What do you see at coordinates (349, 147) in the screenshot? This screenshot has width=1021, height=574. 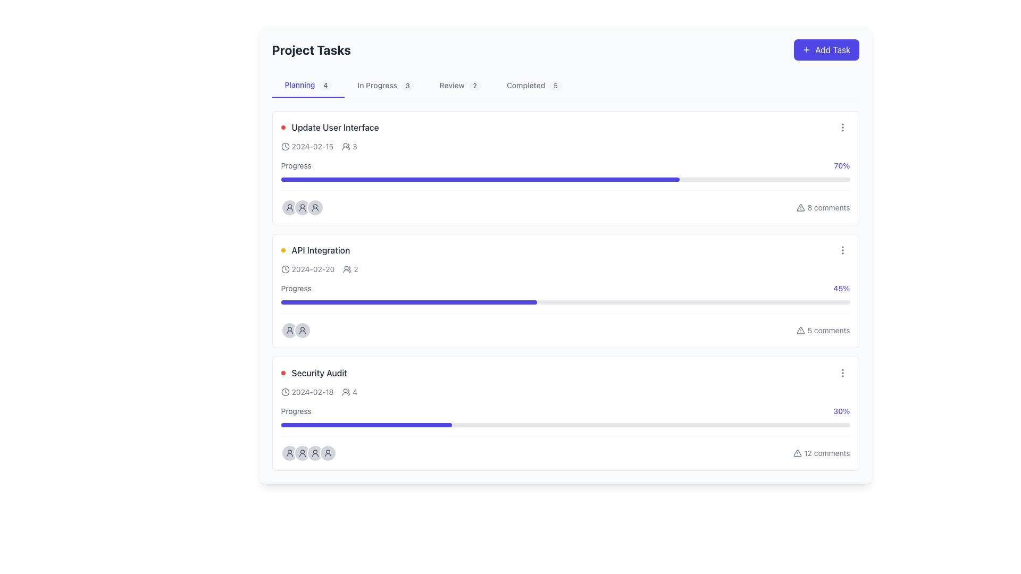 I see `the user count icon and text combination located in the 'Update User Interface' task card in the 'Planning' section, positioned to the right of the due date` at bounding box center [349, 147].